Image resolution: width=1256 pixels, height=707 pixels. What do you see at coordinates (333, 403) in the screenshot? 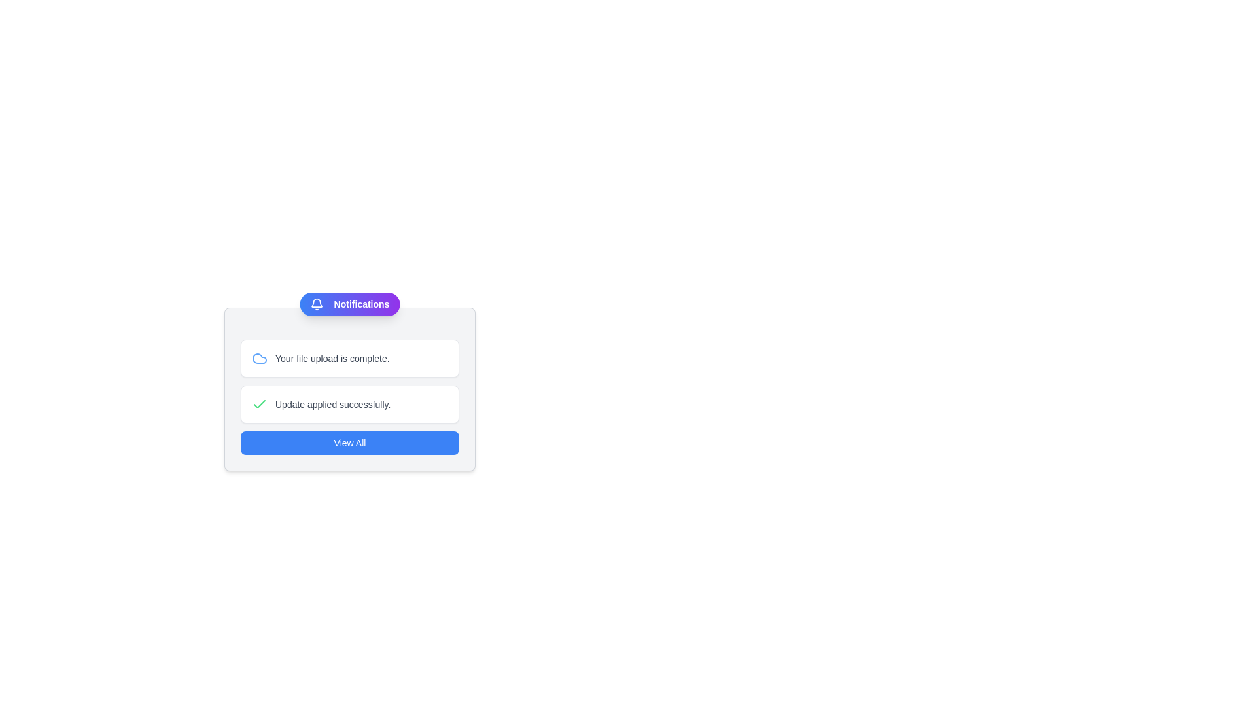
I see `notification text label that confirms an update has been successfully applied, located in the notification area below the 'Your file upload is complete.' message` at bounding box center [333, 403].